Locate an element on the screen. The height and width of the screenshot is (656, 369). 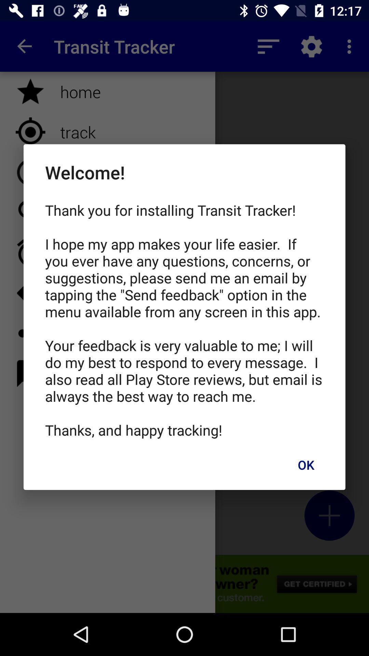
ok icon is located at coordinates (305, 465).